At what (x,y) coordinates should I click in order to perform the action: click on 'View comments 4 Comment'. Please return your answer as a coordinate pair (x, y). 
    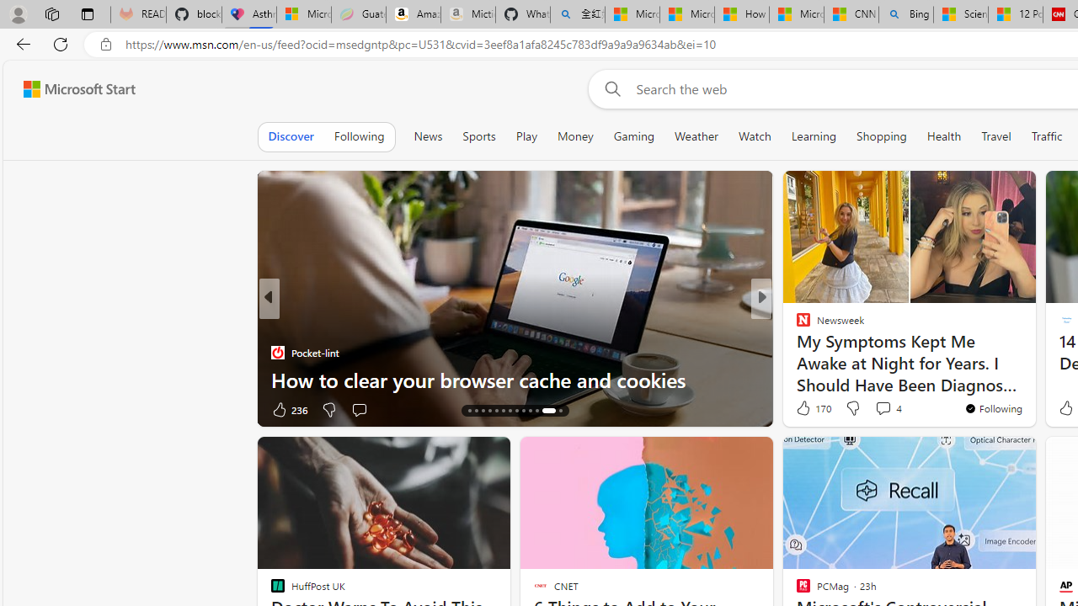
    Looking at the image, I should click on (887, 407).